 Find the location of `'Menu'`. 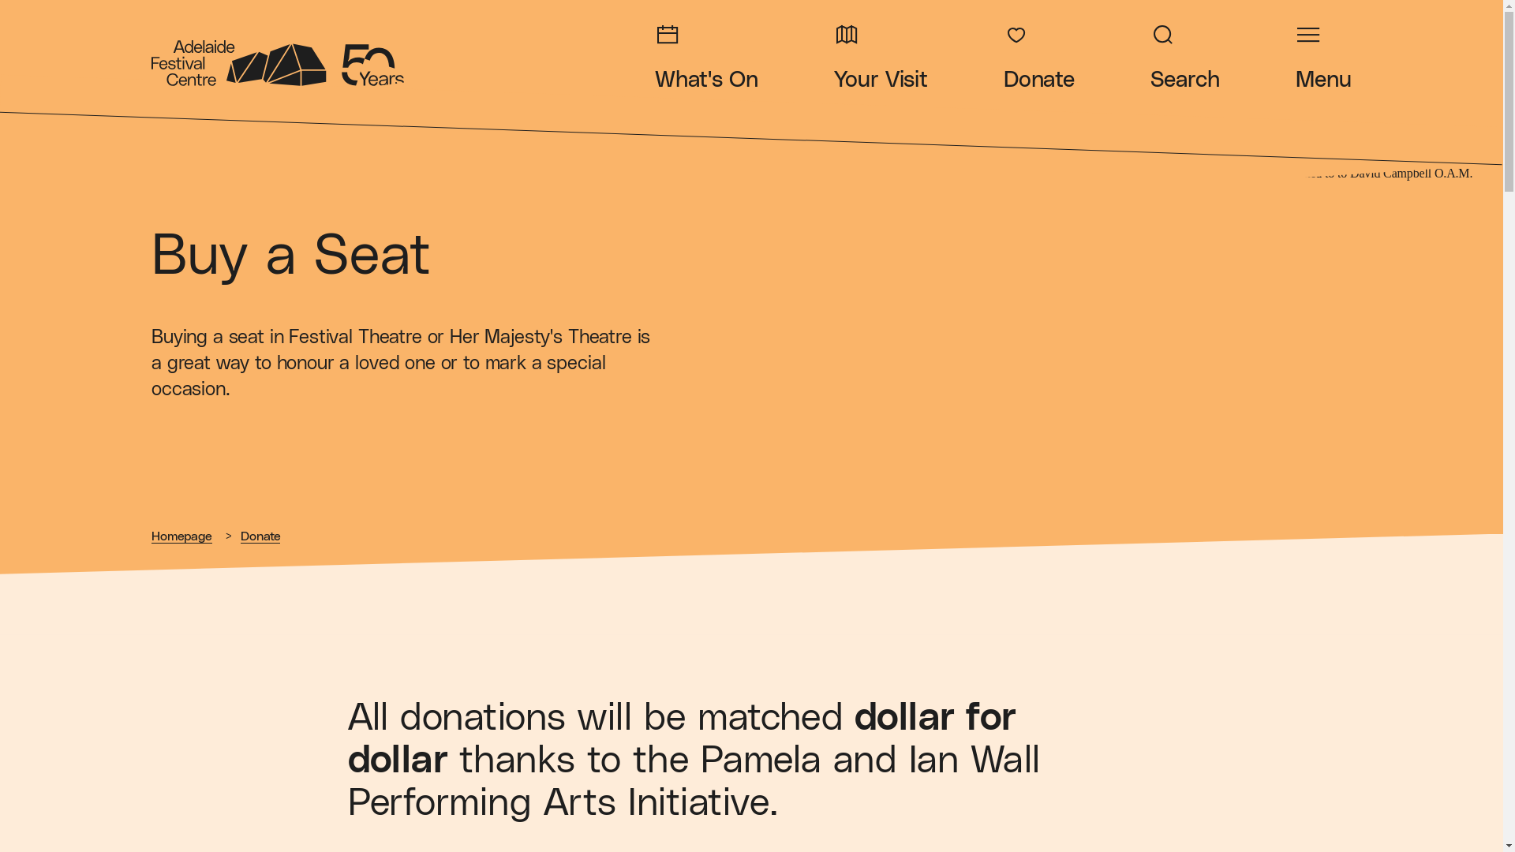

'Menu' is located at coordinates (1323, 56).